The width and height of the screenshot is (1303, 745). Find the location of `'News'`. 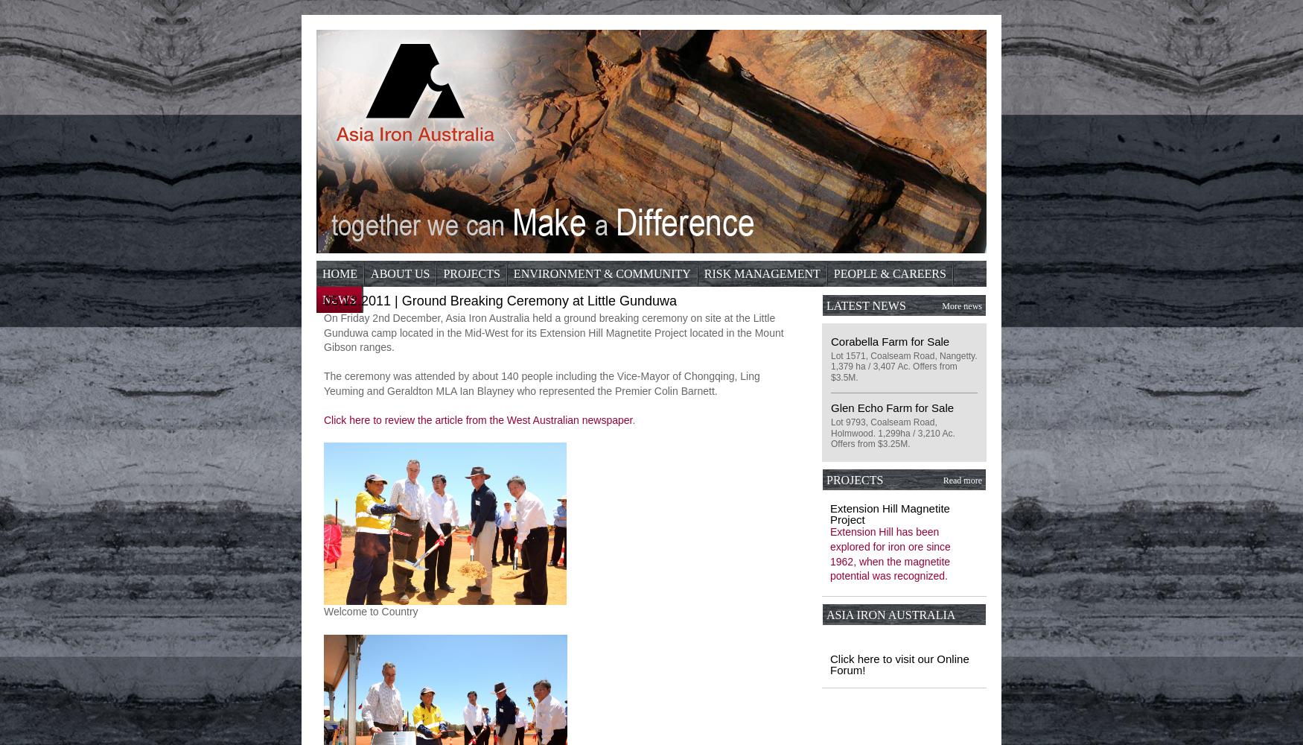

'News' is located at coordinates (339, 299).